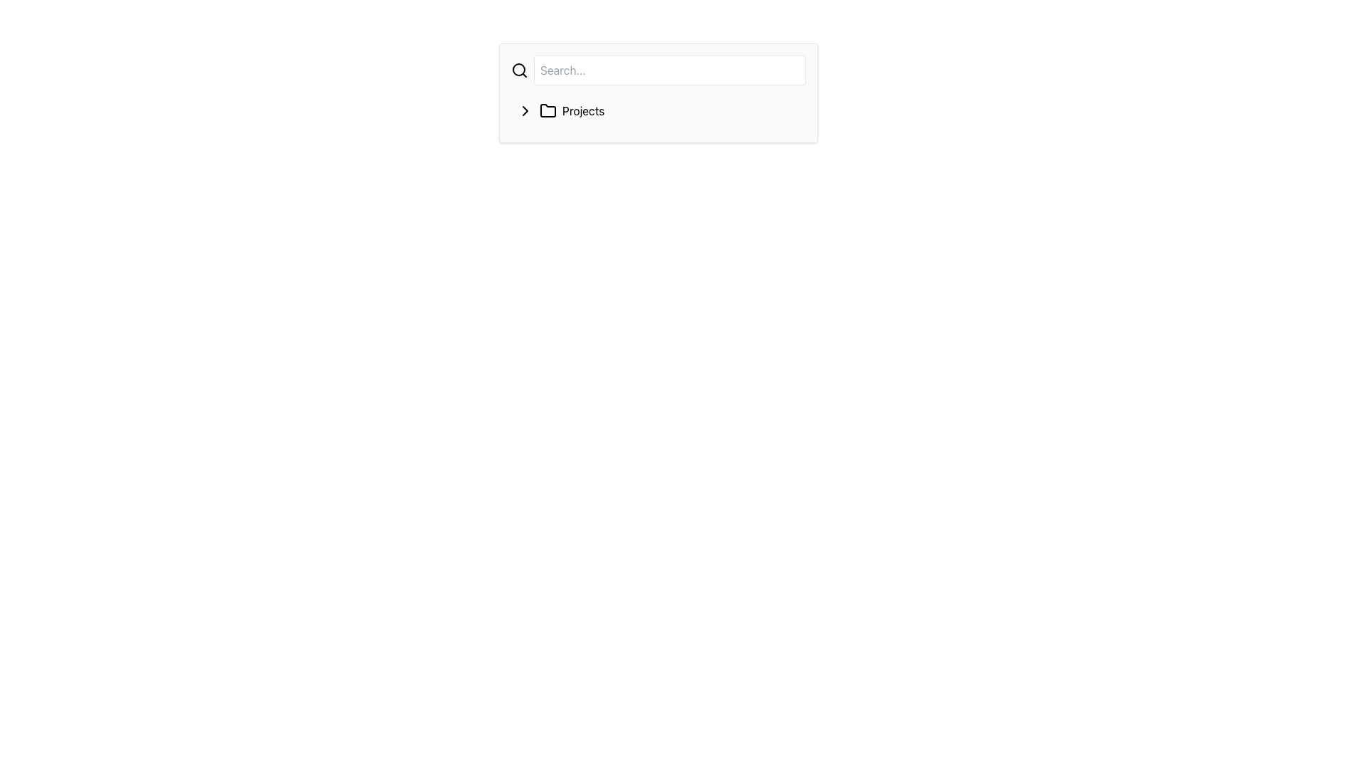 The width and height of the screenshot is (1367, 769). What do you see at coordinates (583, 110) in the screenshot?
I see `the 'Projects' text label, which is part of a navigational list and is displayed in black sans-serif font, located between a folder icon and an SVG arrow icon` at bounding box center [583, 110].